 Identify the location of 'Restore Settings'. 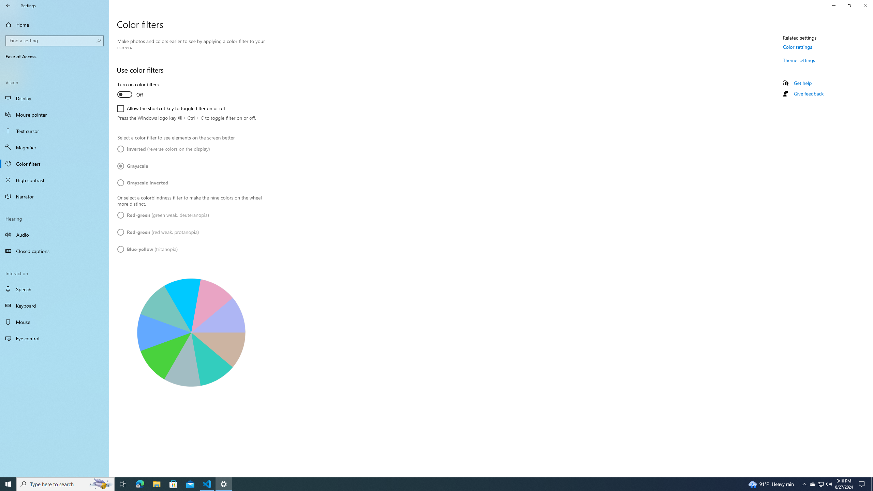
(849, 5).